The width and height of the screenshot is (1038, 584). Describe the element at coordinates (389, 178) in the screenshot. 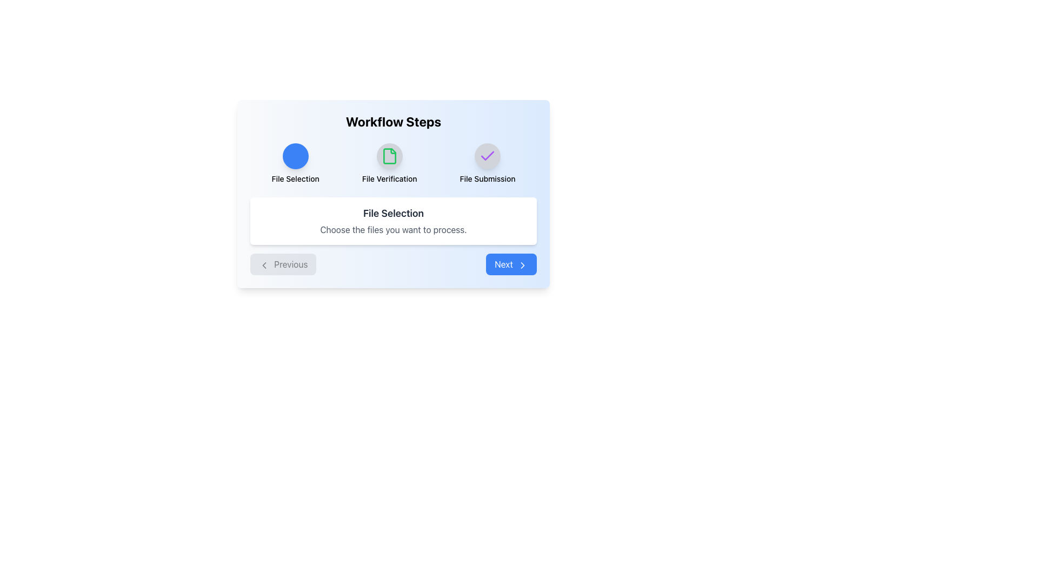

I see `the 'File Verification' text label, which is located in the central workflow area beneath the file icon` at that location.